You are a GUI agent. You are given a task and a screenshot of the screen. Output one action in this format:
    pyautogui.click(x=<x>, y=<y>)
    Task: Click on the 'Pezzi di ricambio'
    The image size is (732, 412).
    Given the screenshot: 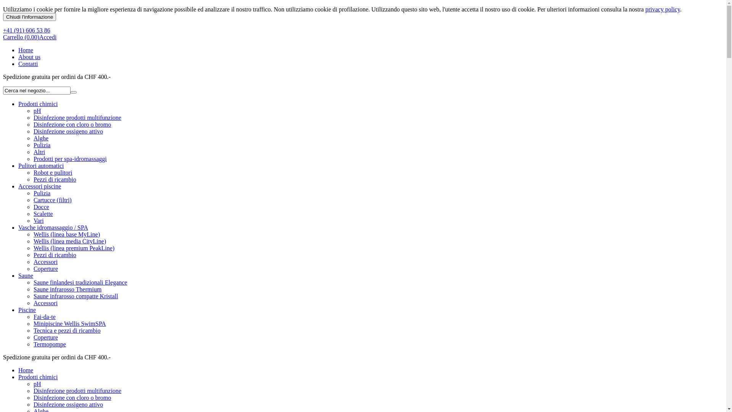 What is the action you would take?
    pyautogui.click(x=55, y=179)
    